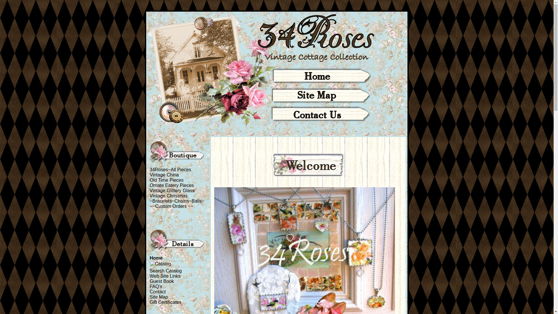 The height and width of the screenshot is (314, 558). I want to click on '~Bracelets~Chains~Bails~', so click(177, 201).